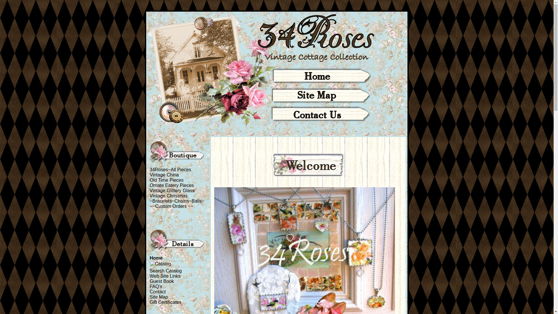 The height and width of the screenshot is (314, 558). I want to click on '~Bracelets~Chains~Bails~', so click(177, 201).